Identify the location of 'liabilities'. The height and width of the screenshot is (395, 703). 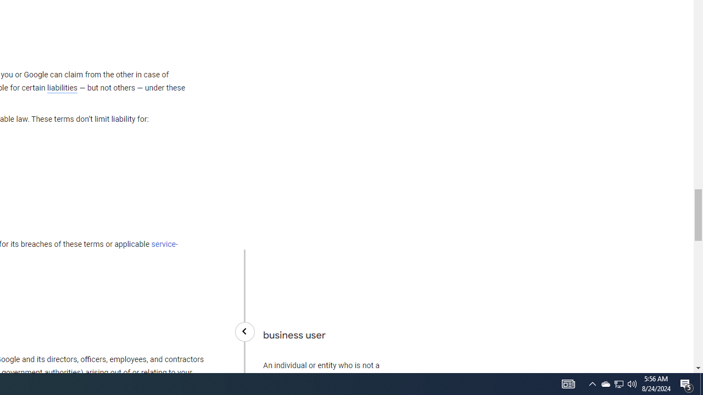
(62, 87).